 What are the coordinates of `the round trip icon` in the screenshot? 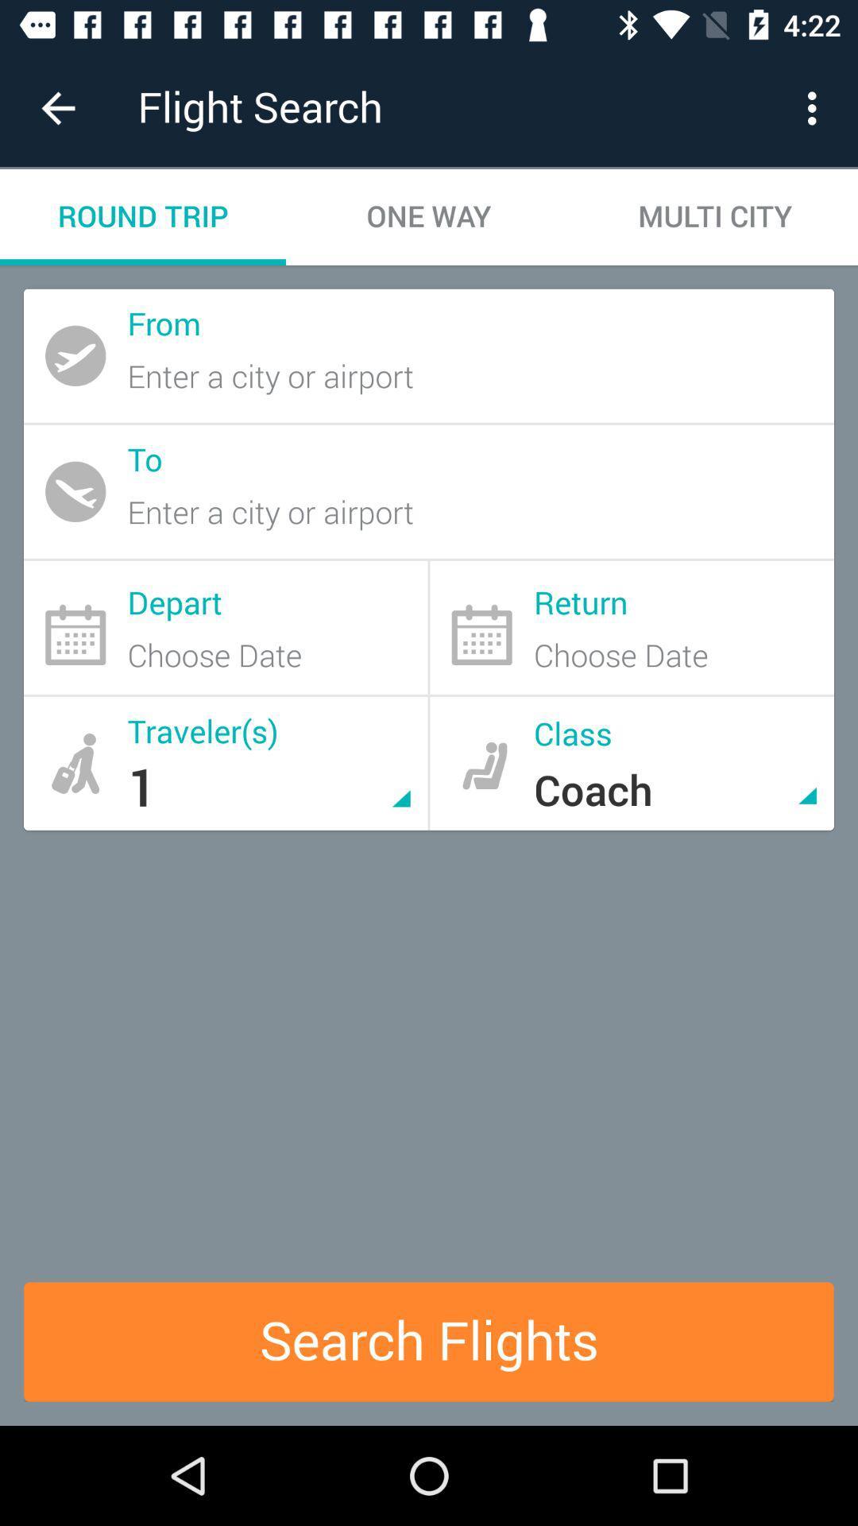 It's located at (143, 216).